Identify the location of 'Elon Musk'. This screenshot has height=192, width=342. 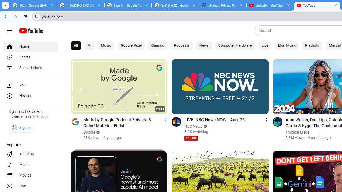
(286, 45).